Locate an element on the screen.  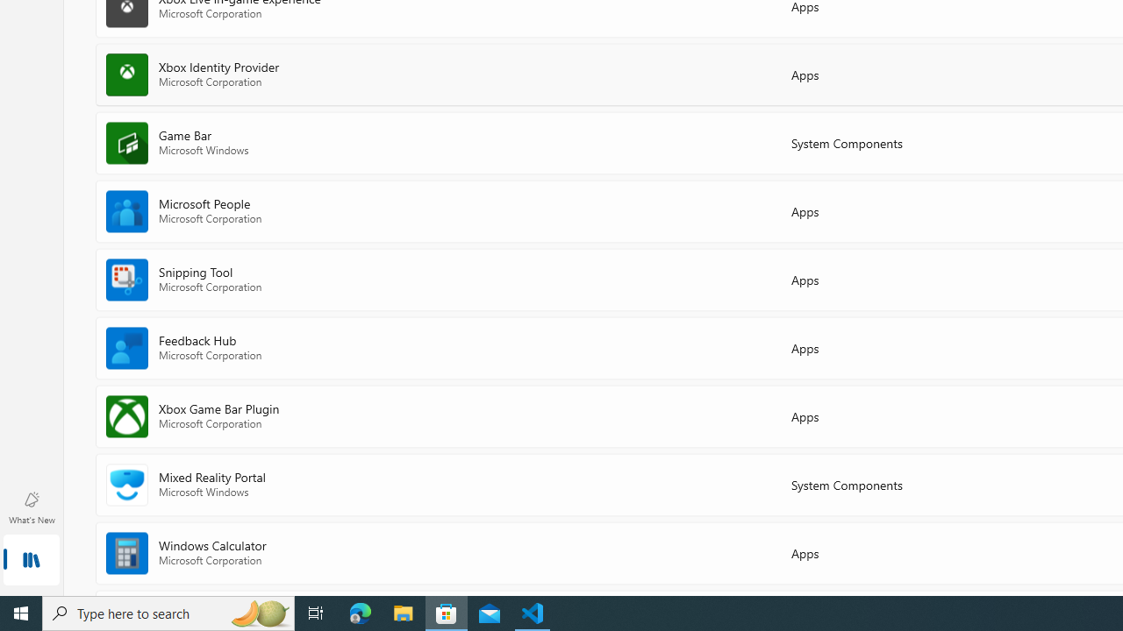
'What' is located at coordinates (31, 507).